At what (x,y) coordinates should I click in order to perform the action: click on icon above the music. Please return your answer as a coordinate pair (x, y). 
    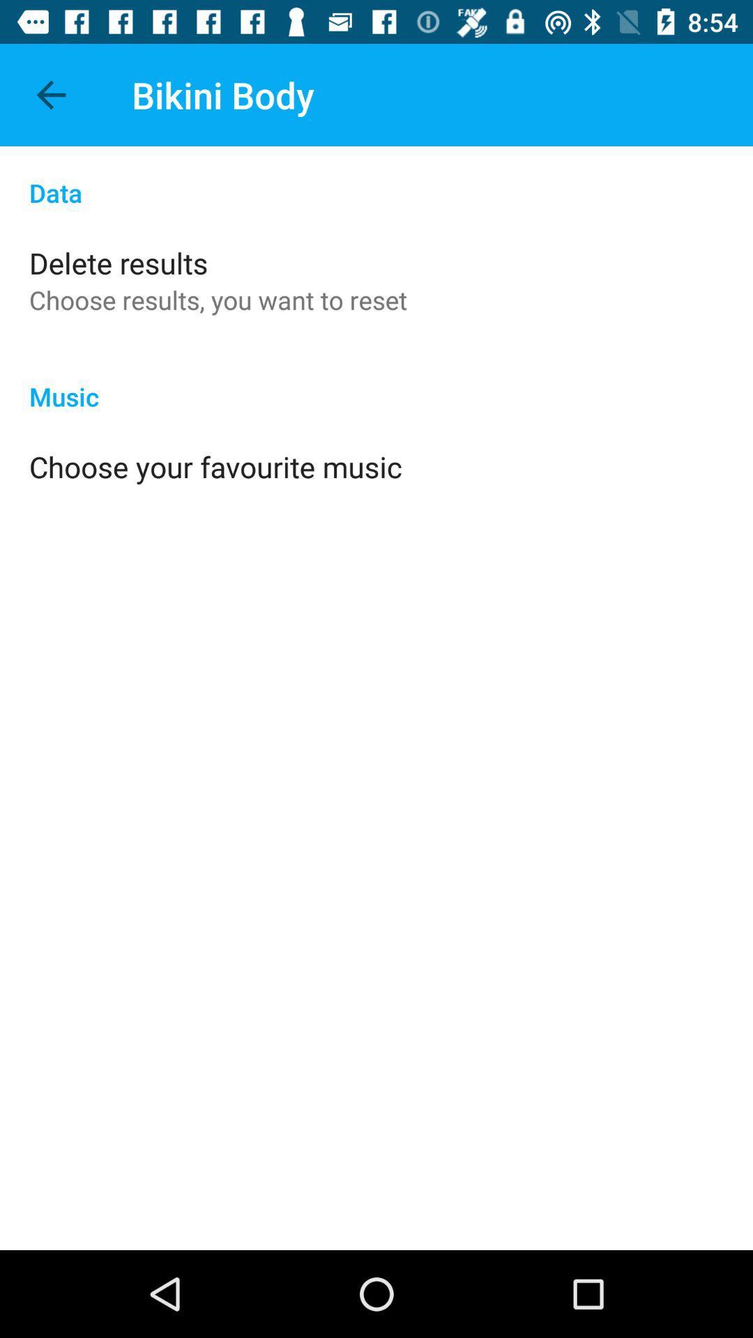
    Looking at the image, I should click on (218, 299).